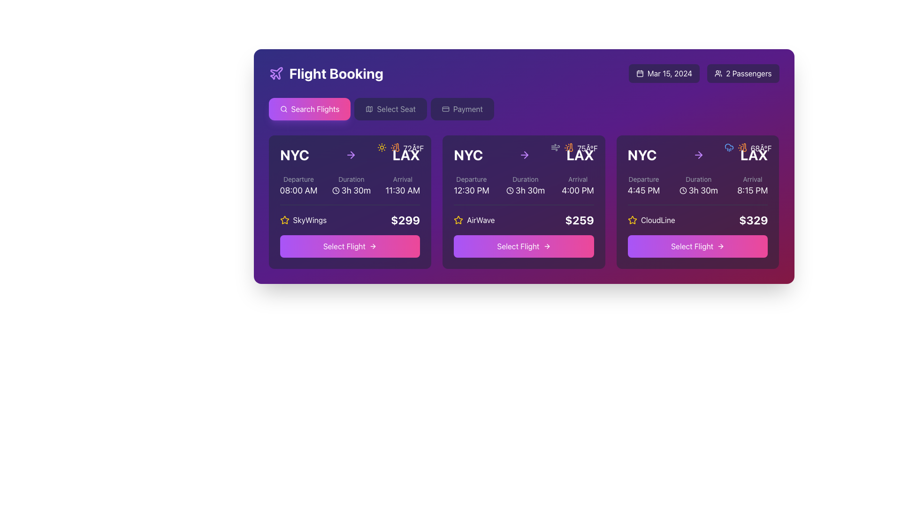  I want to click on the text display indicating the destination airport code 'LAX' for the flight, located at the top-right portion of the flight information card, so click(580, 155).